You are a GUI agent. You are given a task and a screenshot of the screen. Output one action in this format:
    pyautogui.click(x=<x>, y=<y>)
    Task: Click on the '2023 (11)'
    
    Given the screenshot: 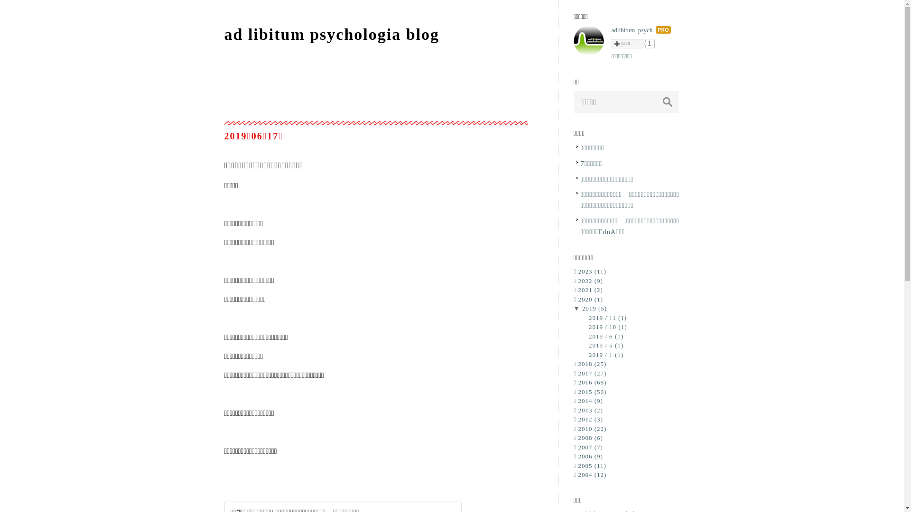 What is the action you would take?
    pyautogui.click(x=591, y=271)
    